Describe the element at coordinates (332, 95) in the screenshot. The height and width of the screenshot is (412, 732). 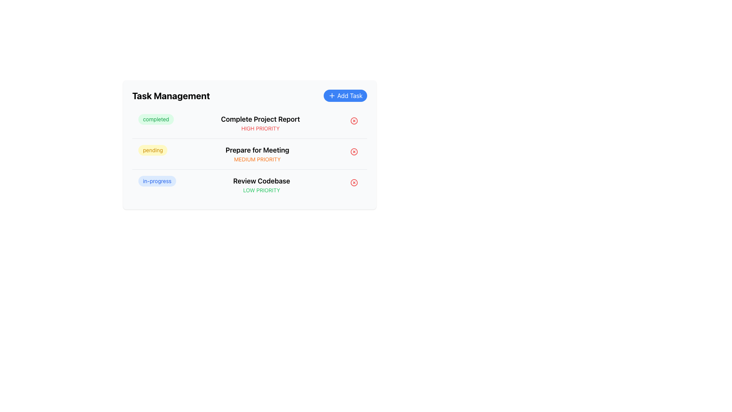
I see `the compact blue circular plus icon located within the 'Add Task' button at the top-right corner of the task management interface` at that location.